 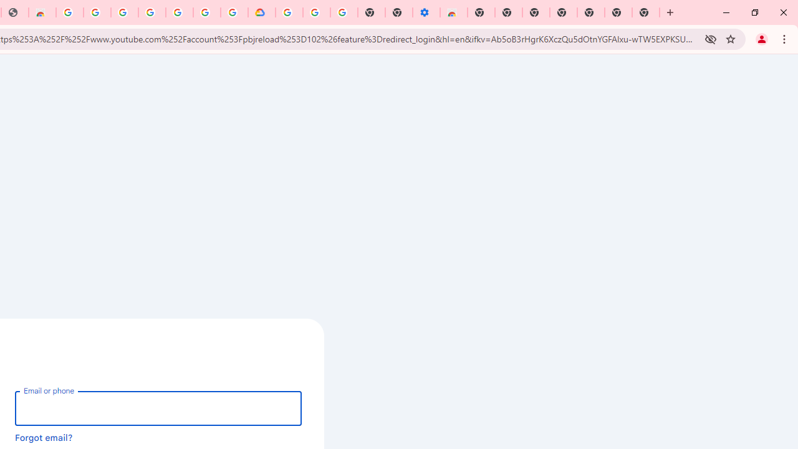 What do you see at coordinates (426, 12) in the screenshot?
I see `'Settings - Accessibility'` at bounding box center [426, 12].